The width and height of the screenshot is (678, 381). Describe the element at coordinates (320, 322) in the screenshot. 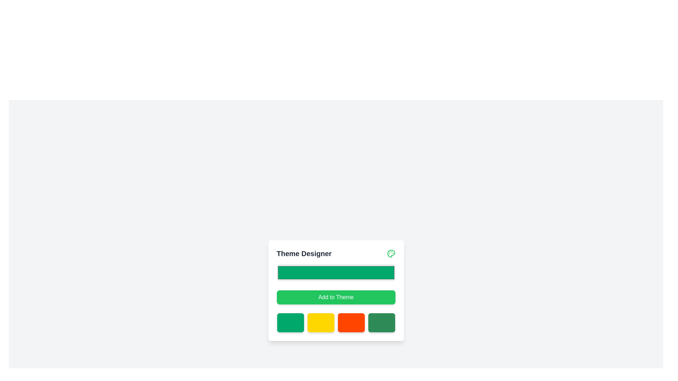

I see `the second button in the 'Theme Designer' section, which is likely related to selecting a yellow theme, positioned between a green button and an orange button` at that location.